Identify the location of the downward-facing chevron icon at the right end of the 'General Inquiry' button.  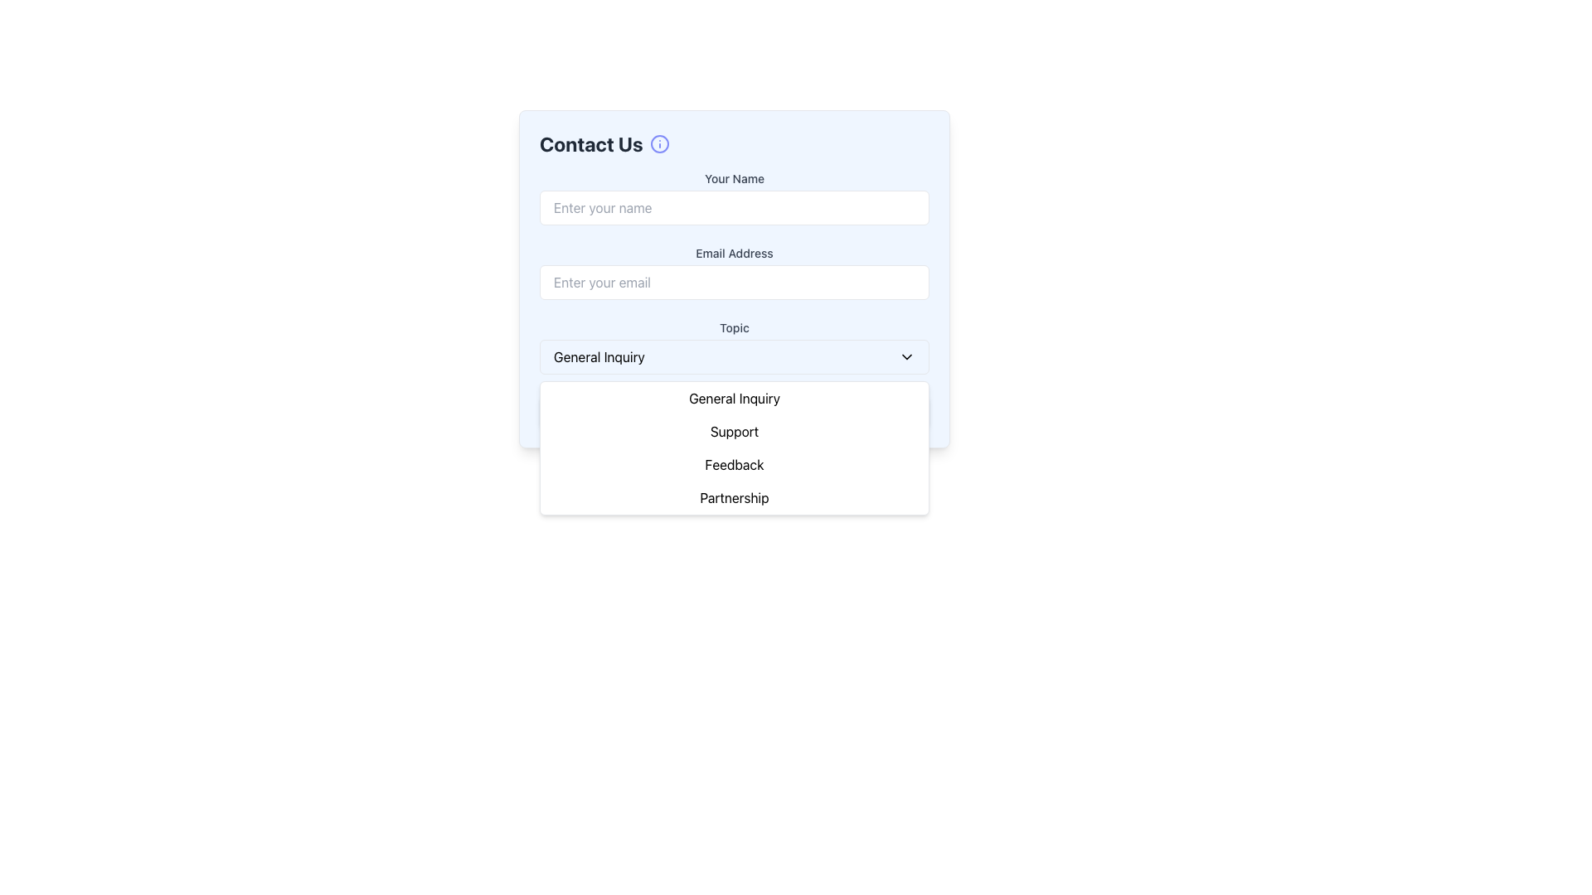
(906, 356).